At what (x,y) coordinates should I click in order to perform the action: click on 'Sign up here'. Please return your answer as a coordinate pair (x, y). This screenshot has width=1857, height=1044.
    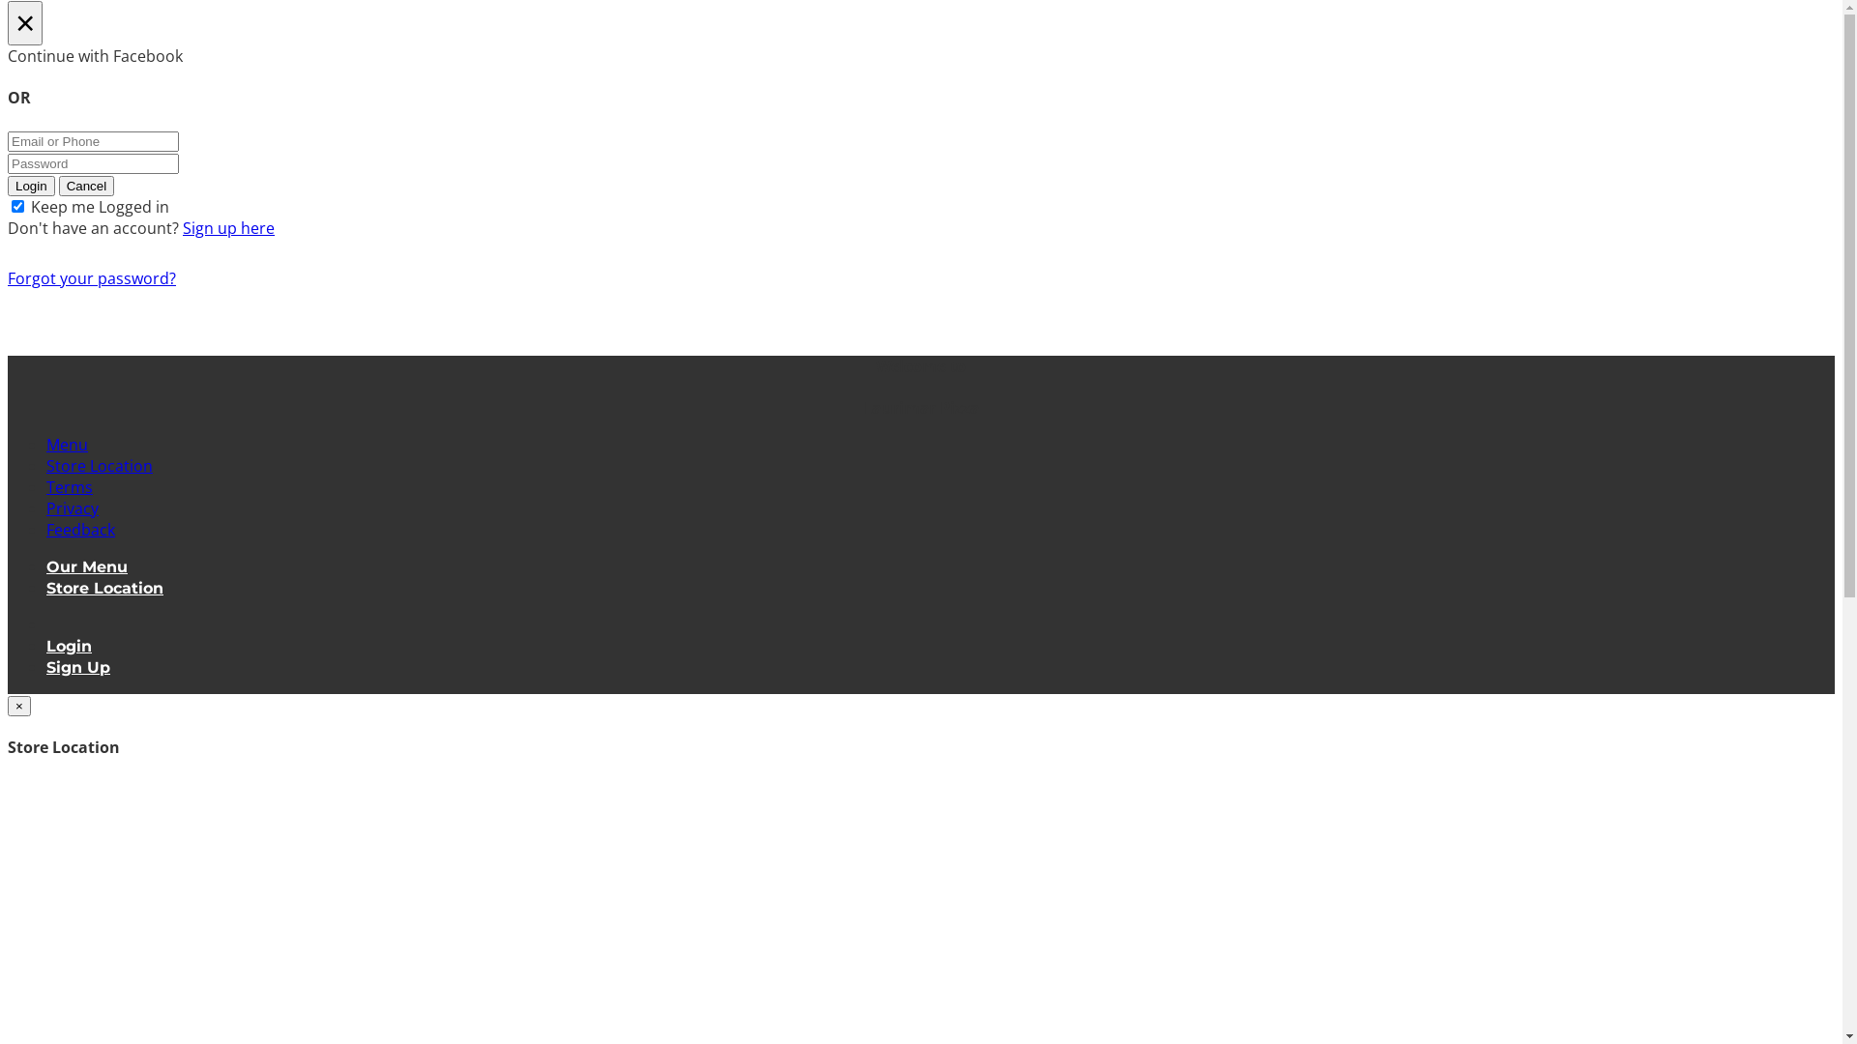
    Looking at the image, I should click on (228, 226).